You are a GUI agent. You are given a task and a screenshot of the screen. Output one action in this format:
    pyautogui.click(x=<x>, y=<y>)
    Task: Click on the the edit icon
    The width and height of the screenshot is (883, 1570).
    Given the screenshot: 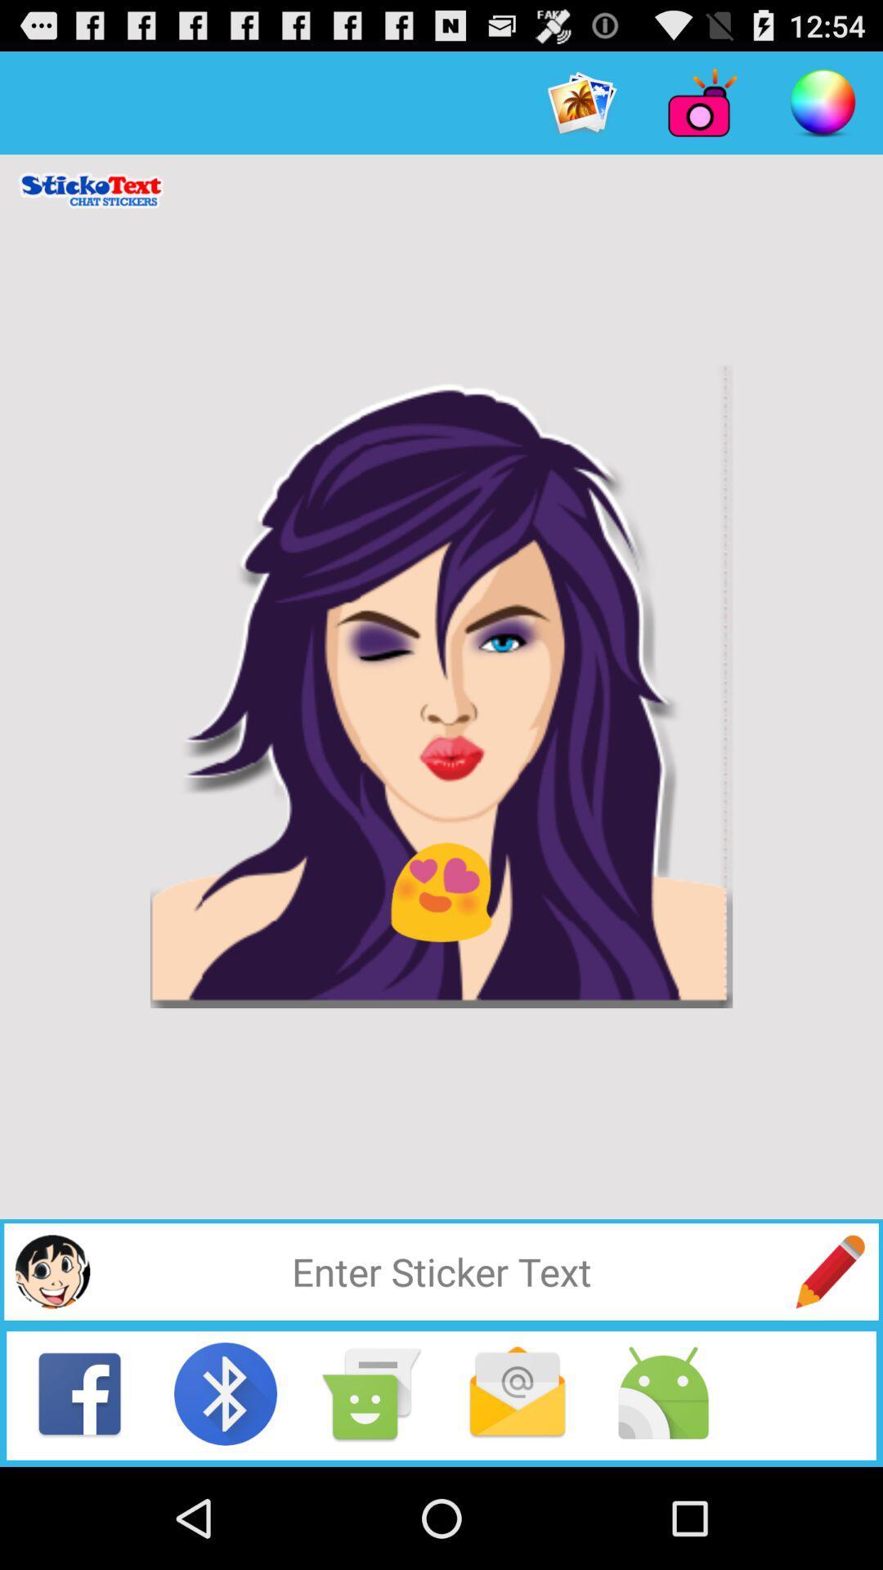 What is the action you would take?
    pyautogui.click(x=830, y=1361)
    